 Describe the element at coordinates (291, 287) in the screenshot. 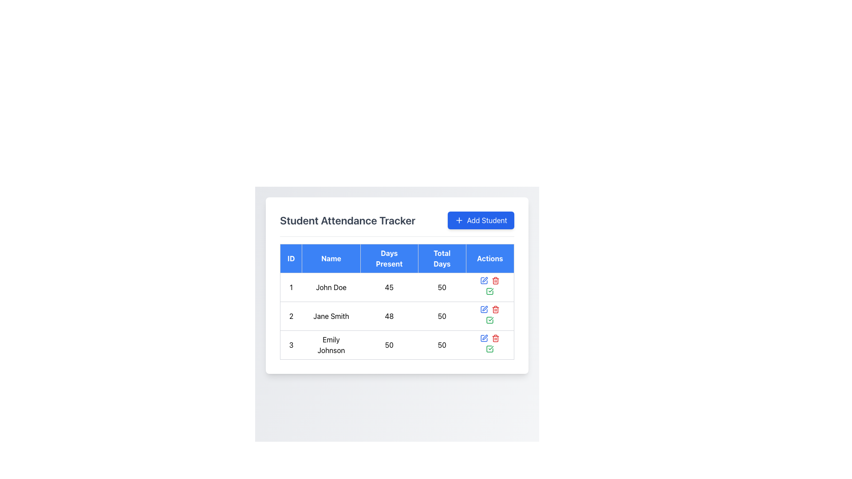

I see `the text label that serves as an identifier for entry number 1` at that location.